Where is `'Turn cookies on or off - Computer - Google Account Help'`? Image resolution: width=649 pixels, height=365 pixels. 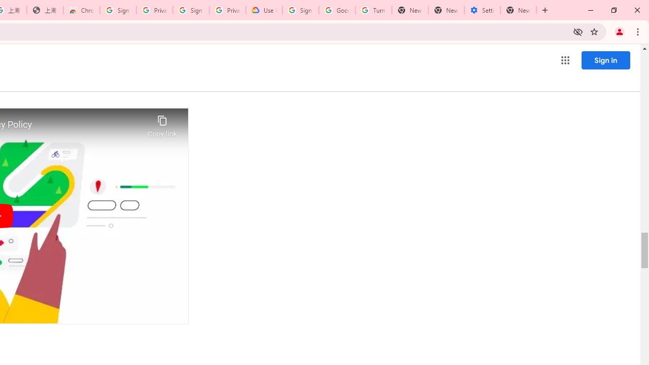
'Turn cookies on or off - Computer - Google Account Help' is located at coordinates (373, 10).